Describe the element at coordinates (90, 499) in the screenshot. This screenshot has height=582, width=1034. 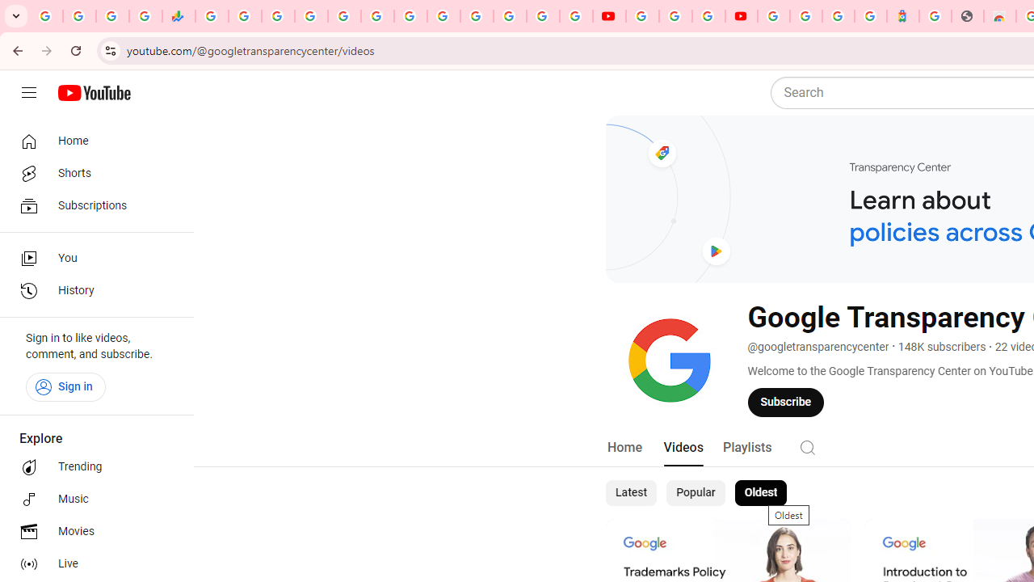
I see `'Music'` at that location.